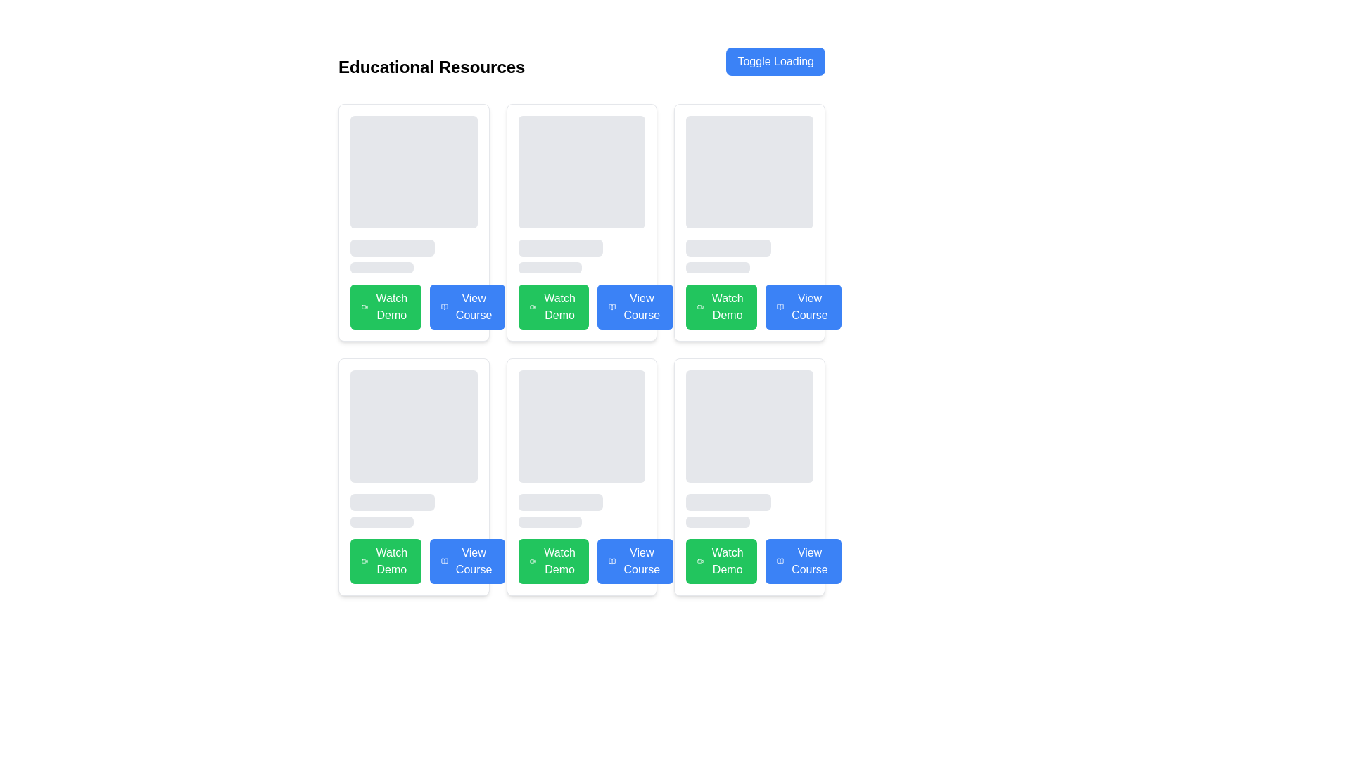 The width and height of the screenshot is (1351, 759). What do you see at coordinates (532, 560) in the screenshot?
I see `the decorative icon for the 'Watch Demo' button located within the green button in the bottom buttons row of the third card in the second row of the grid layout` at bounding box center [532, 560].